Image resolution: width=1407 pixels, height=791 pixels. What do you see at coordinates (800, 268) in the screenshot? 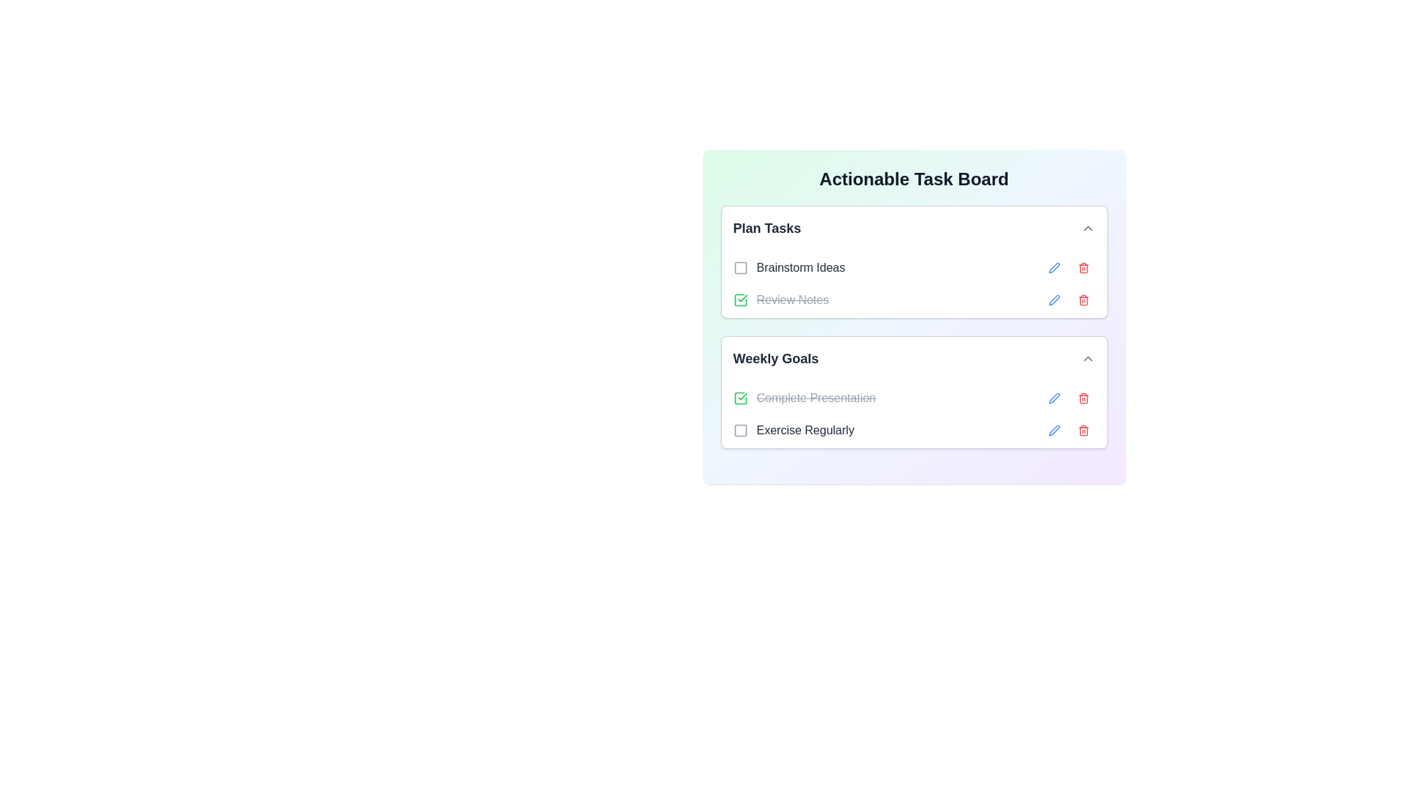
I see `non-interactive text label displaying the task name 'Brainstorm Ideas' located in the 'Plan Tasks' section of the 'Actionable Task Board.'` at bounding box center [800, 268].